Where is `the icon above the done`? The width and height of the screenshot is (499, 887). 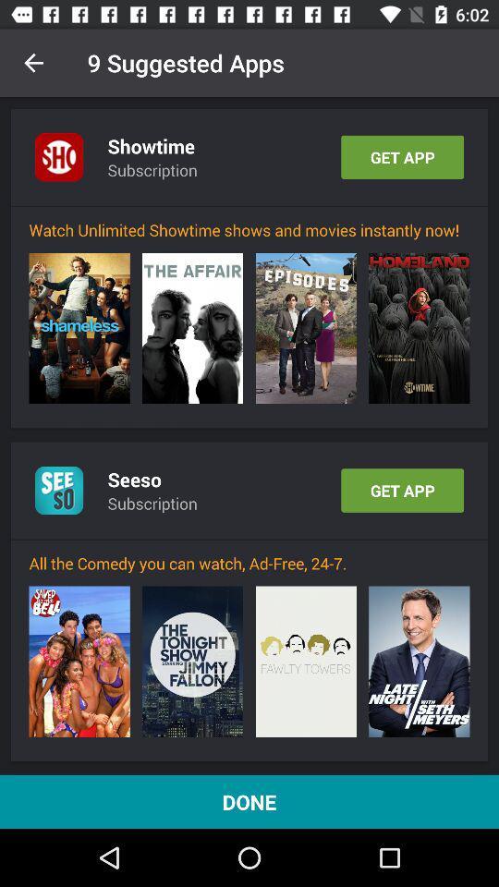 the icon above the done is located at coordinates (79, 662).